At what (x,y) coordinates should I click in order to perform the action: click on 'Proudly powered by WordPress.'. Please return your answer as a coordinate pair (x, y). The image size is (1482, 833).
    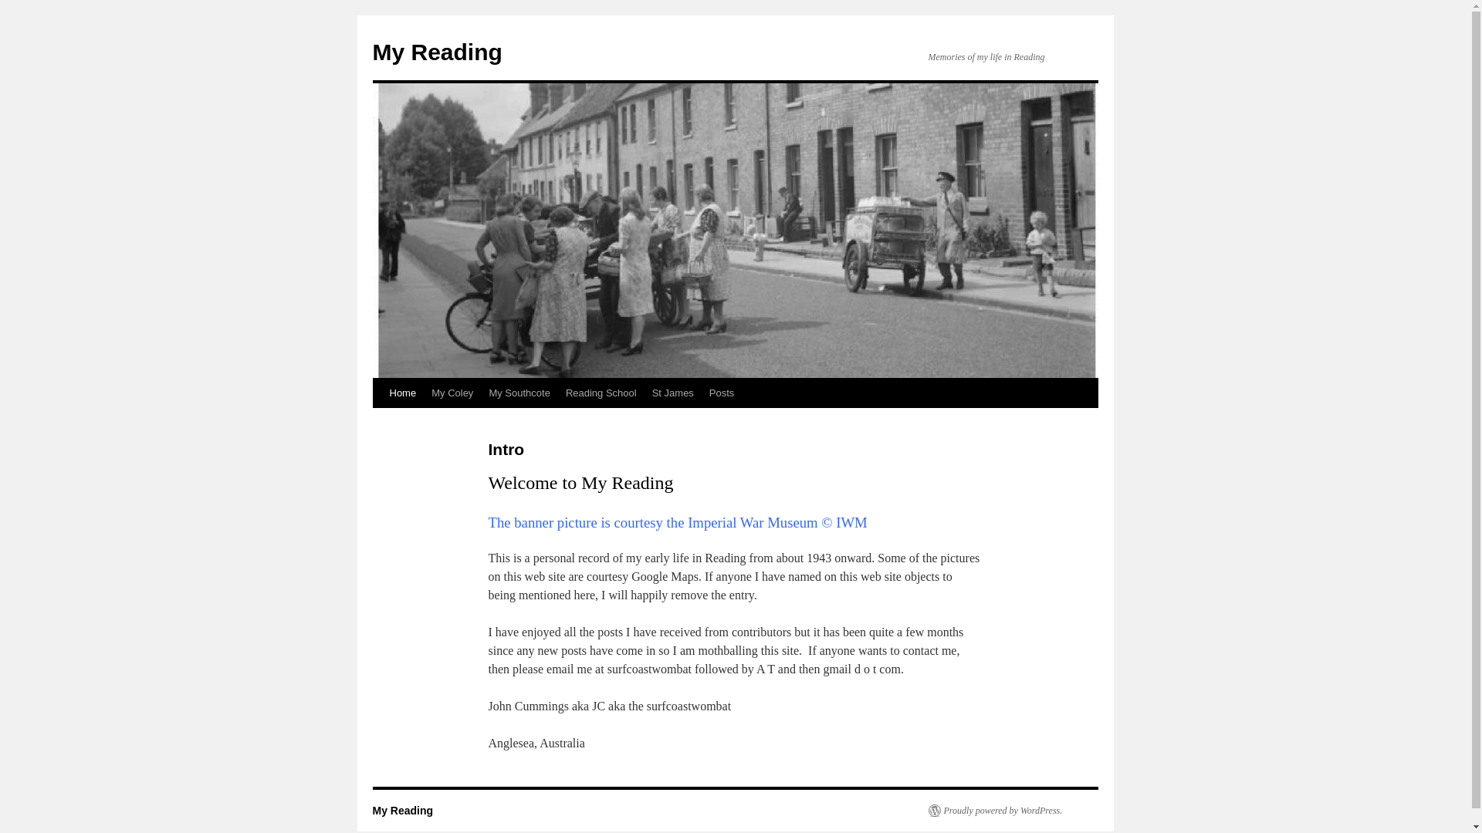
    Looking at the image, I should click on (995, 809).